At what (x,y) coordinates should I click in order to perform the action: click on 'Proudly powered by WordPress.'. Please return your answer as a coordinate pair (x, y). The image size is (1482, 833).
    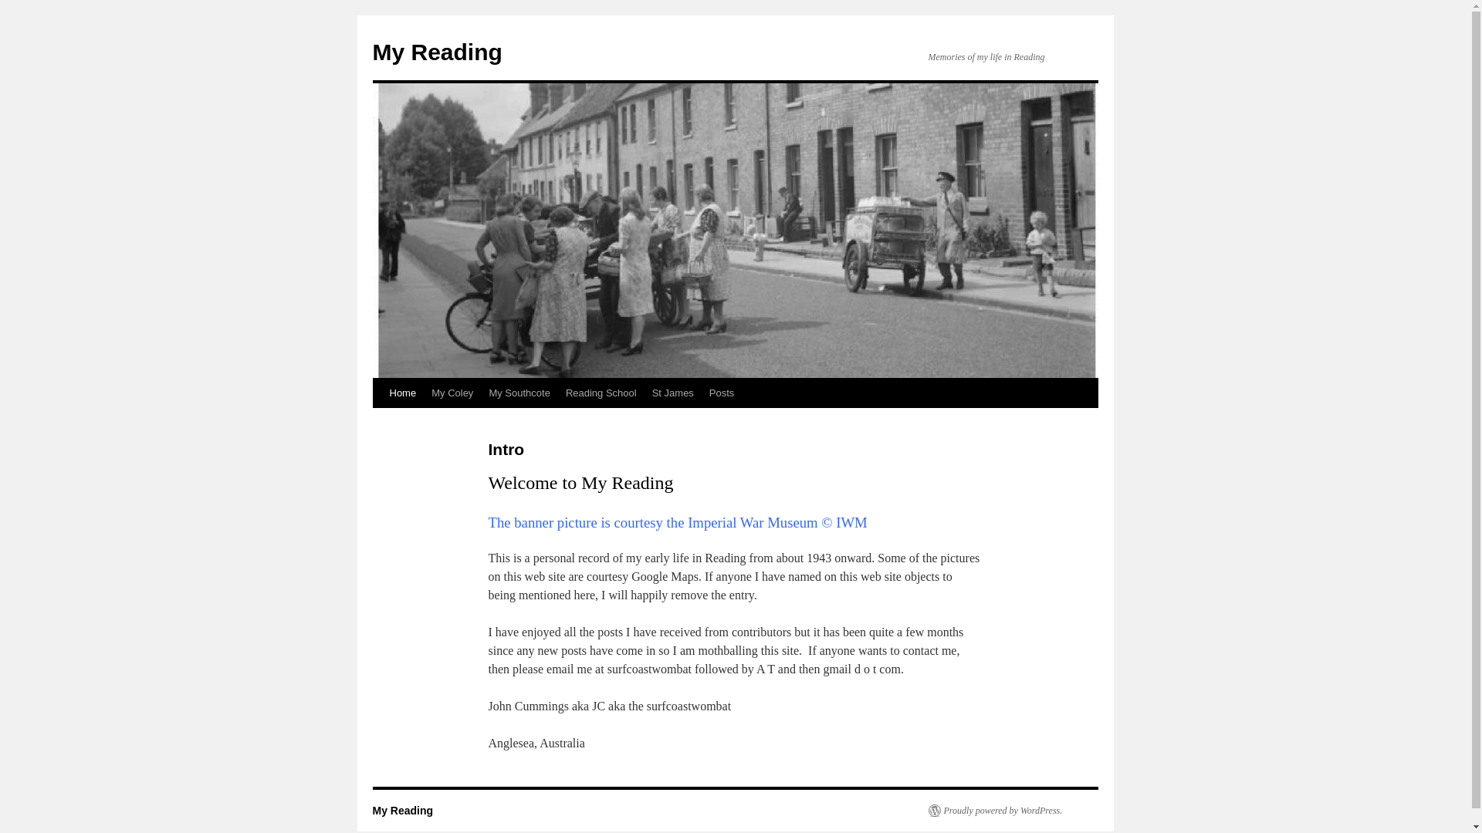
    Looking at the image, I should click on (995, 809).